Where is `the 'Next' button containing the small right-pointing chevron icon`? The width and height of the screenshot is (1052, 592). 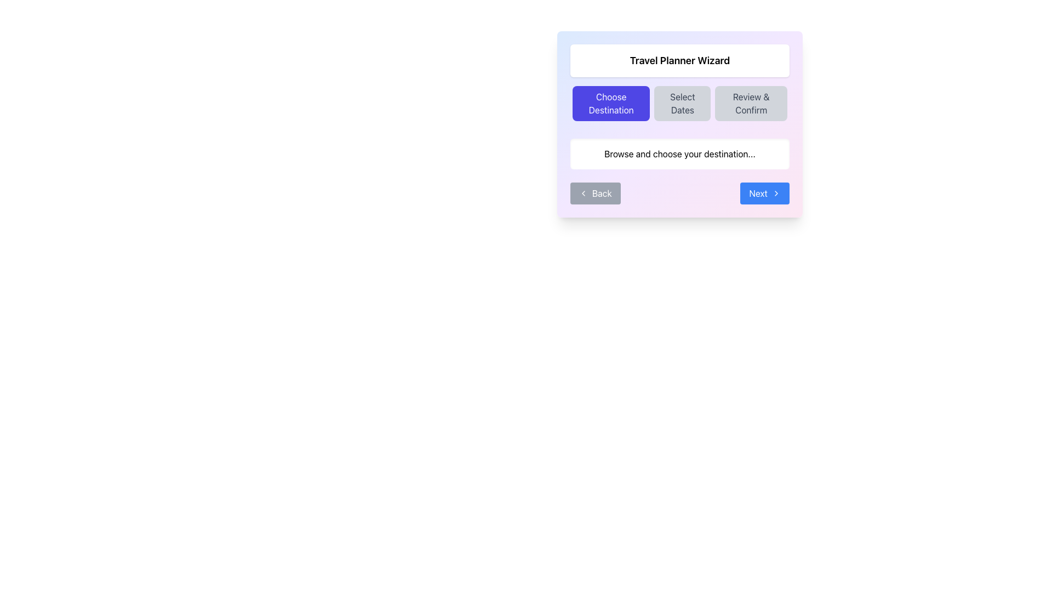
the 'Next' button containing the small right-pointing chevron icon is located at coordinates (775, 193).